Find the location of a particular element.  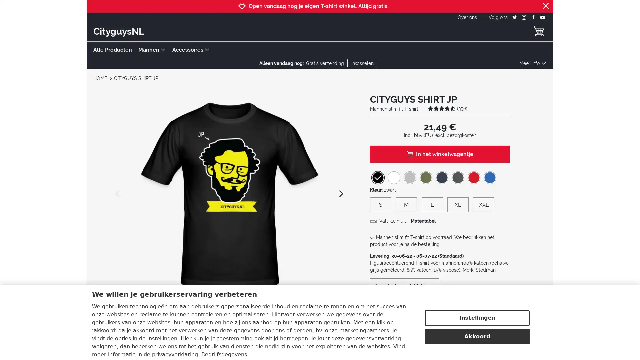

next image is located at coordinates (341, 193).